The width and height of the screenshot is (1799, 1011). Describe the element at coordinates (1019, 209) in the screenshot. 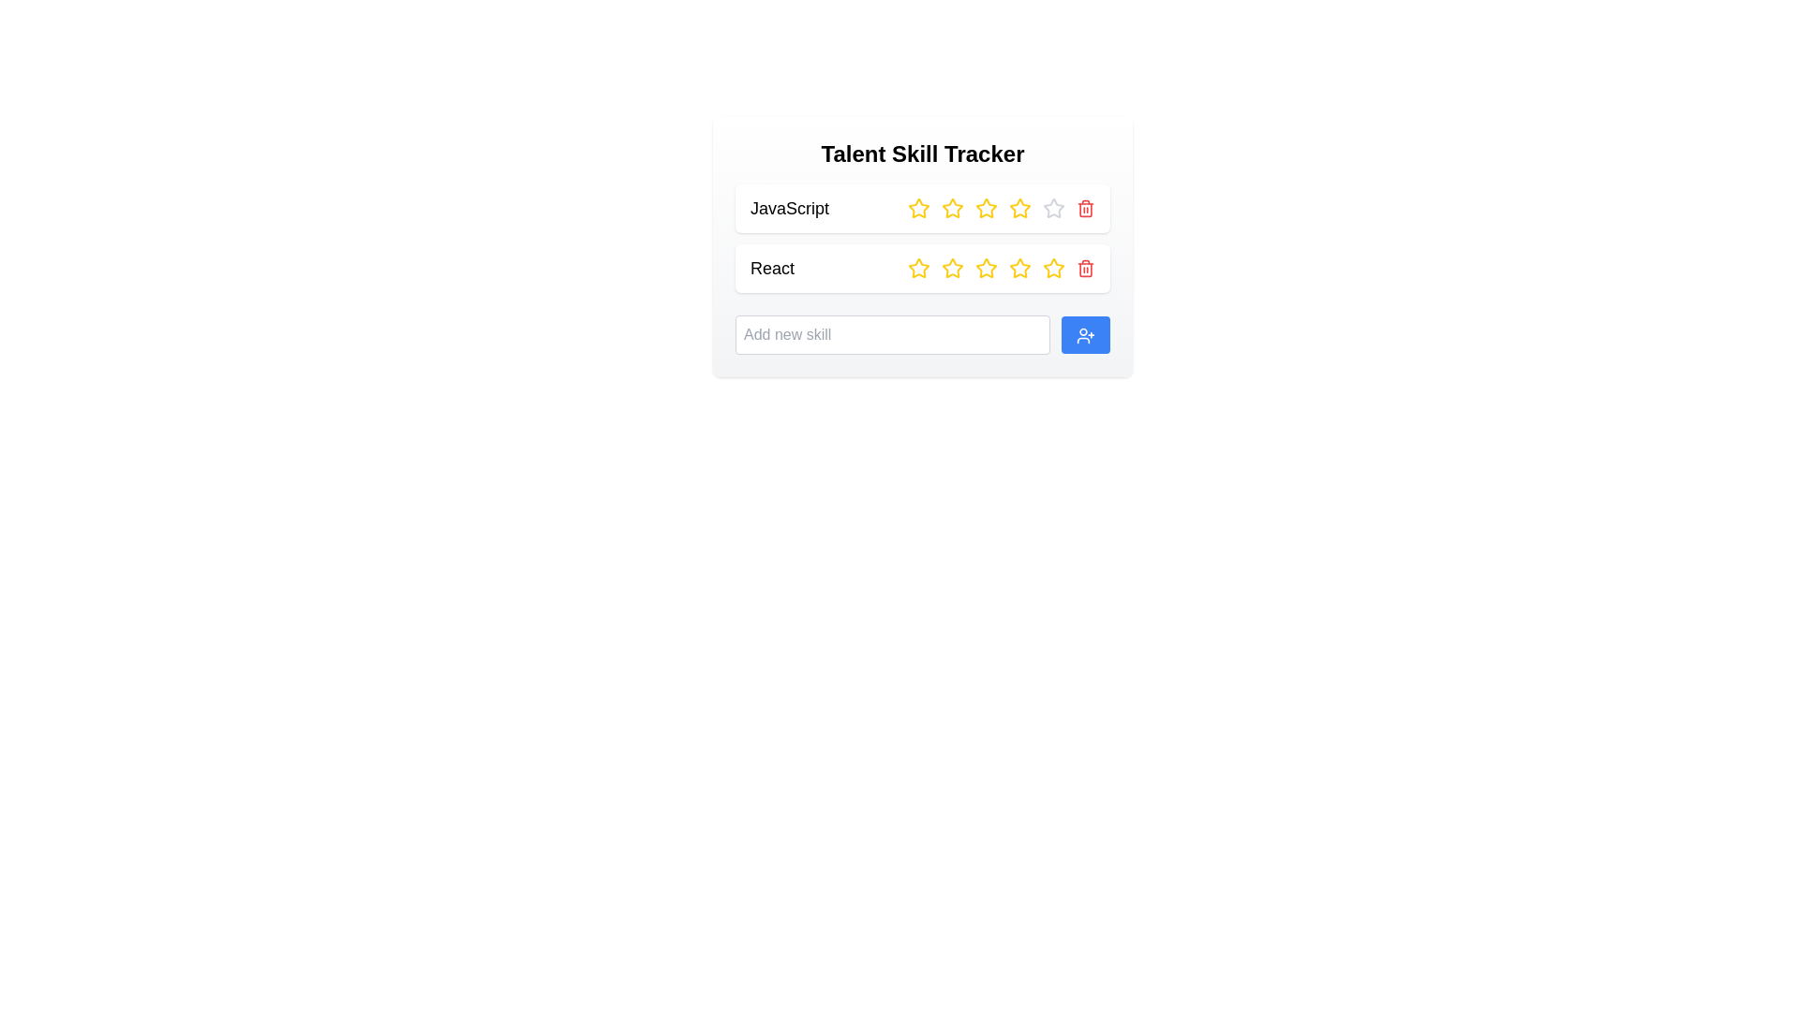

I see `the sixth star icon in the rating component for the 'JavaScript' skill in the Talent Skill Tracker interface` at that location.